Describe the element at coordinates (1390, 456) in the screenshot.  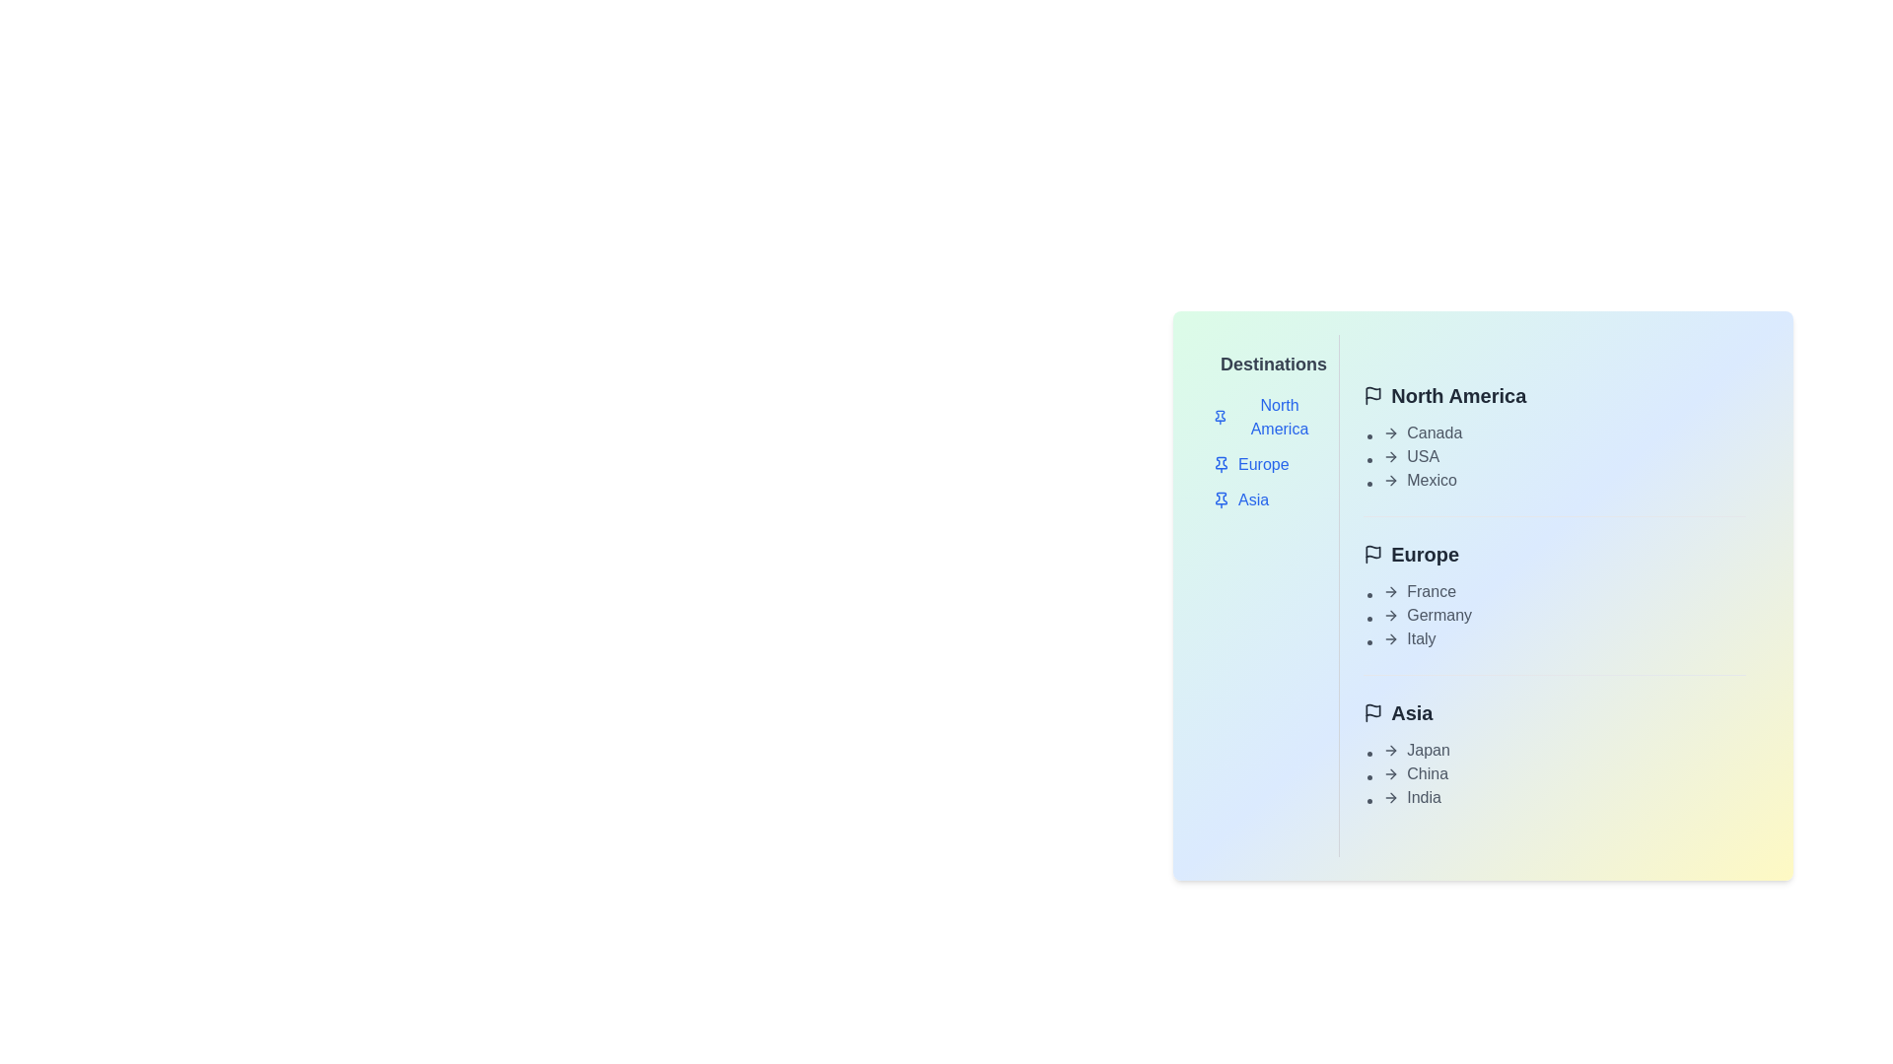
I see `the right-pointing arrow icon adjacent to the text 'USA'` at that location.